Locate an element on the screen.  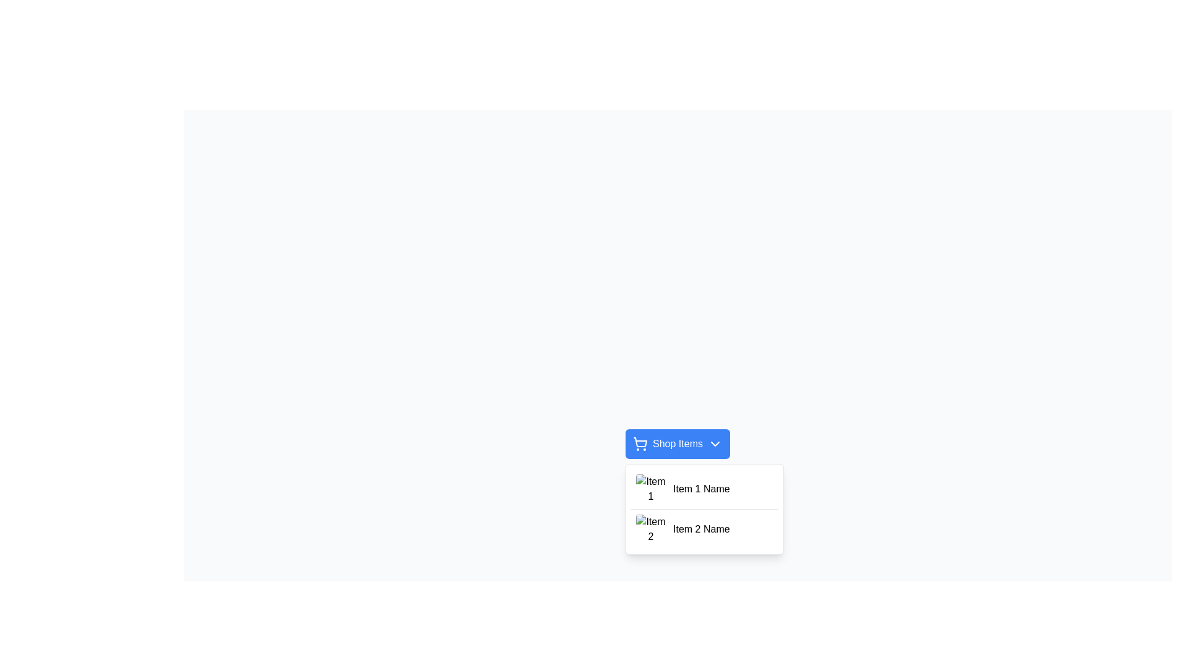
the first list item labeled 'Item 1 Name' is located at coordinates (704, 488).